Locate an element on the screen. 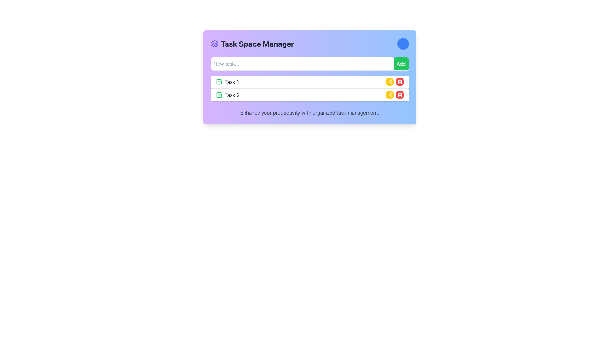 The image size is (609, 343). the delete button with a trash can icon for 'Task 2' is located at coordinates (399, 95).